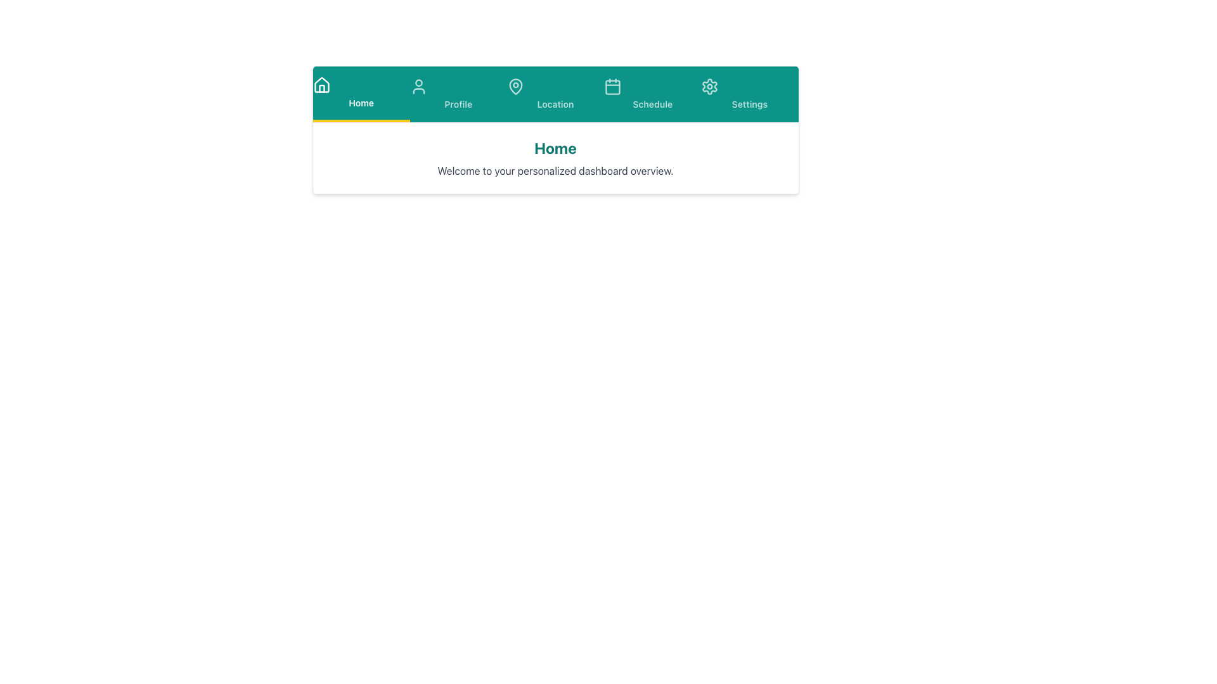  I want to click on the vertical rectangular component inside the house icon located at the far left of the navigation bar, so click(321, 88).